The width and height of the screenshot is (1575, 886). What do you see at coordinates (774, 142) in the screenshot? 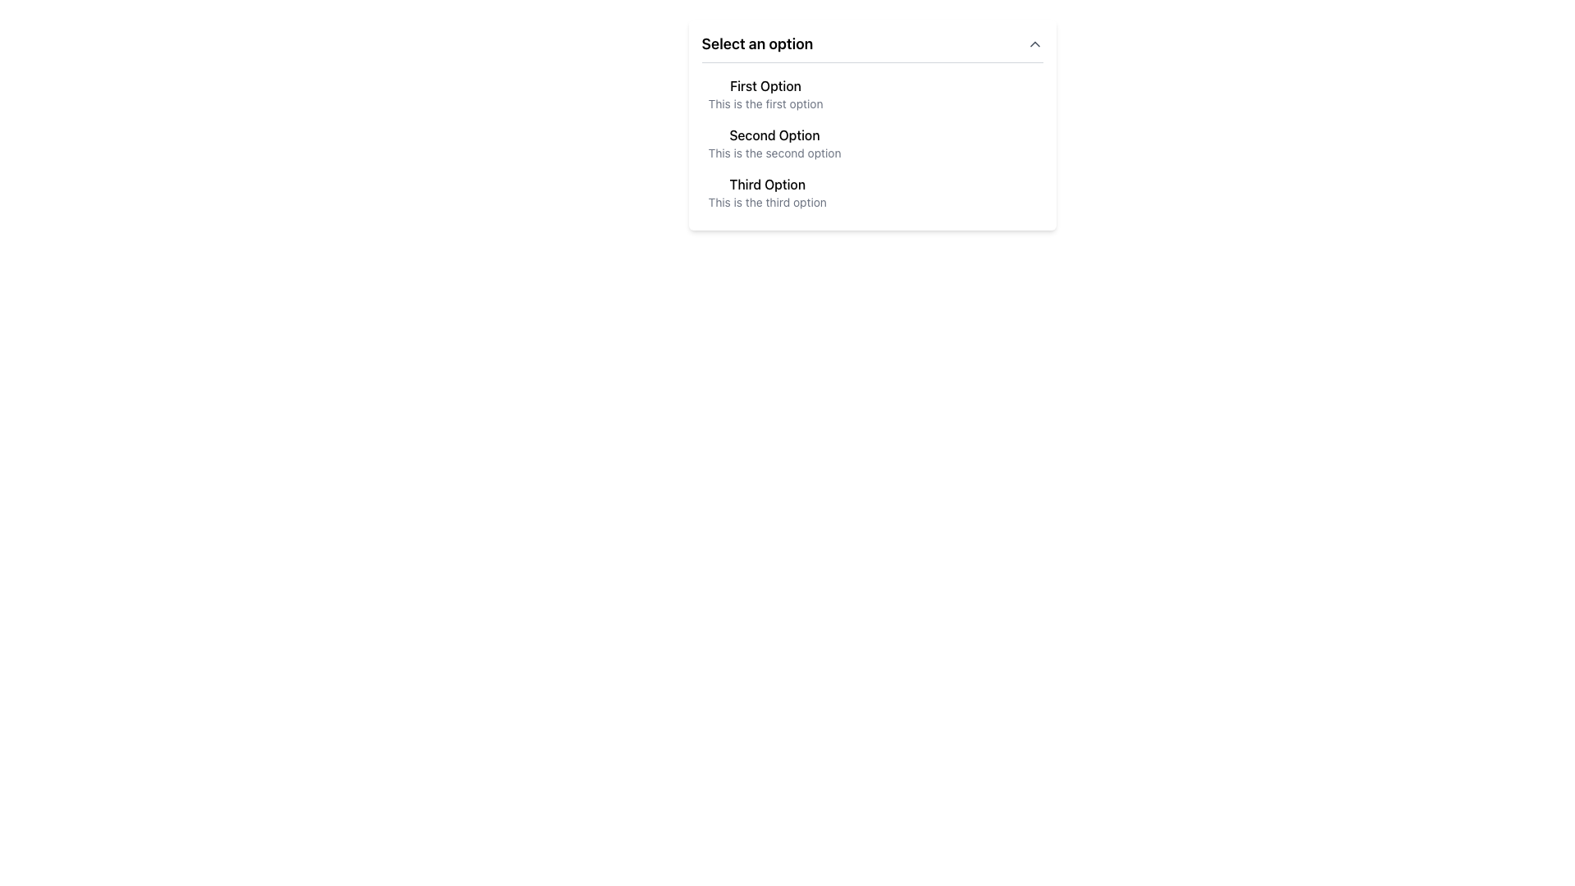
I see `the second selectable list item labeled 'Second Option'` at bounding box center [774, 142].